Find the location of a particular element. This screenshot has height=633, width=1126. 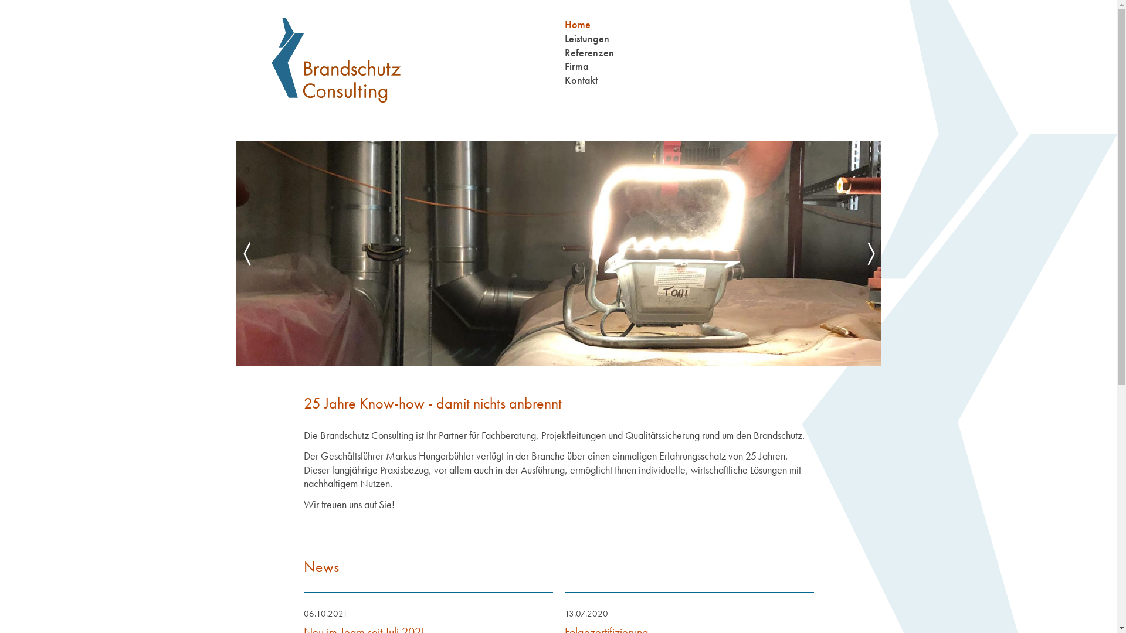

'Firma' is located at coordinates (564, 66).